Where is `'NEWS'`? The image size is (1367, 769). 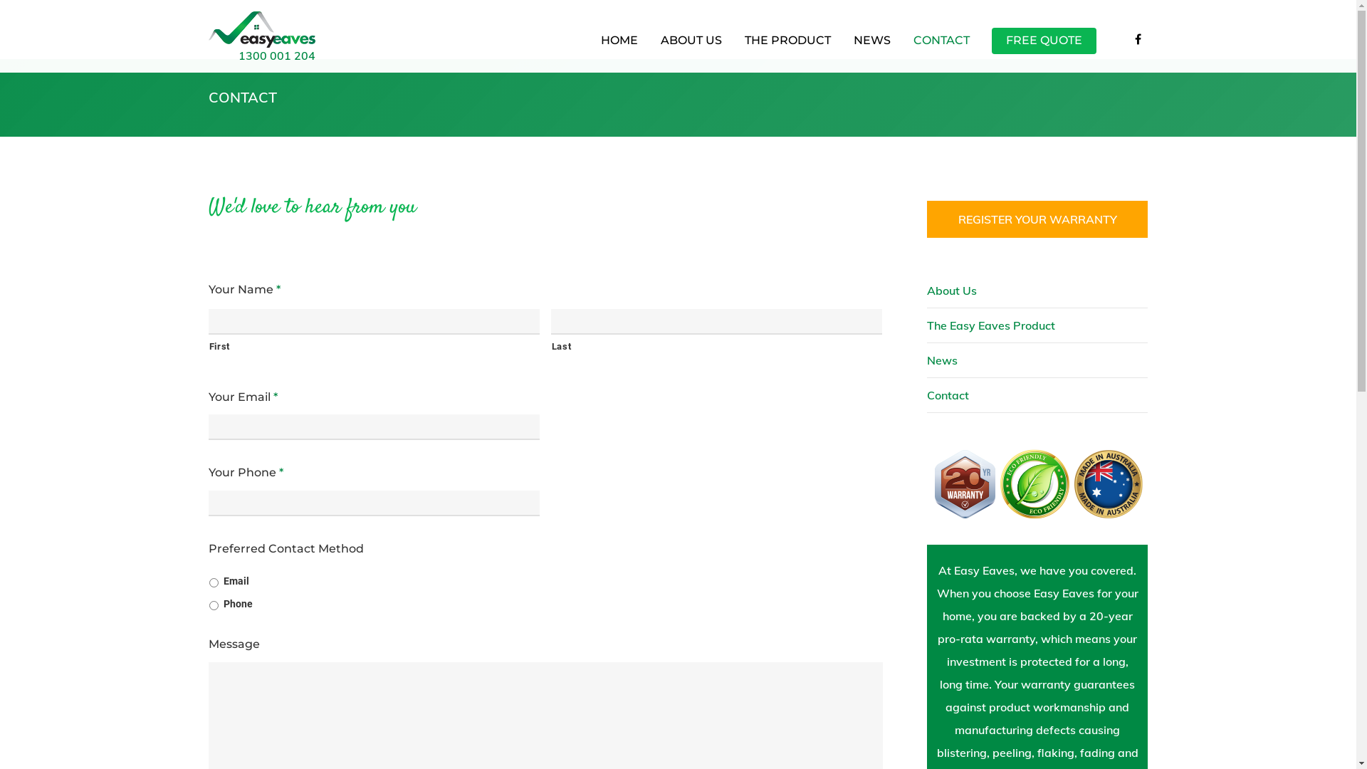 'NEWS' is located at coordinates (871, 46).